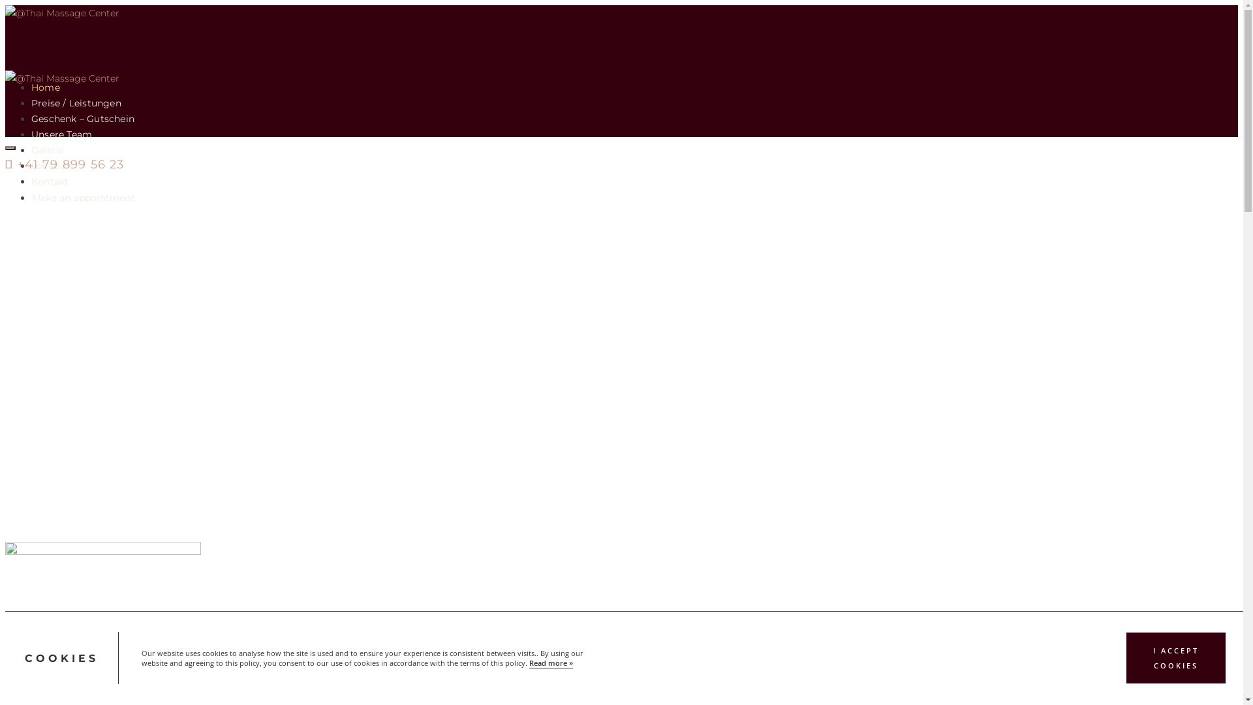 The width and height of the screenshot is (1253, 705). What do you see at coordinates (1175, 659) in the screenshot?
I see `'I ACCEPT COOKIES'` at bounding box center [1175, 659].